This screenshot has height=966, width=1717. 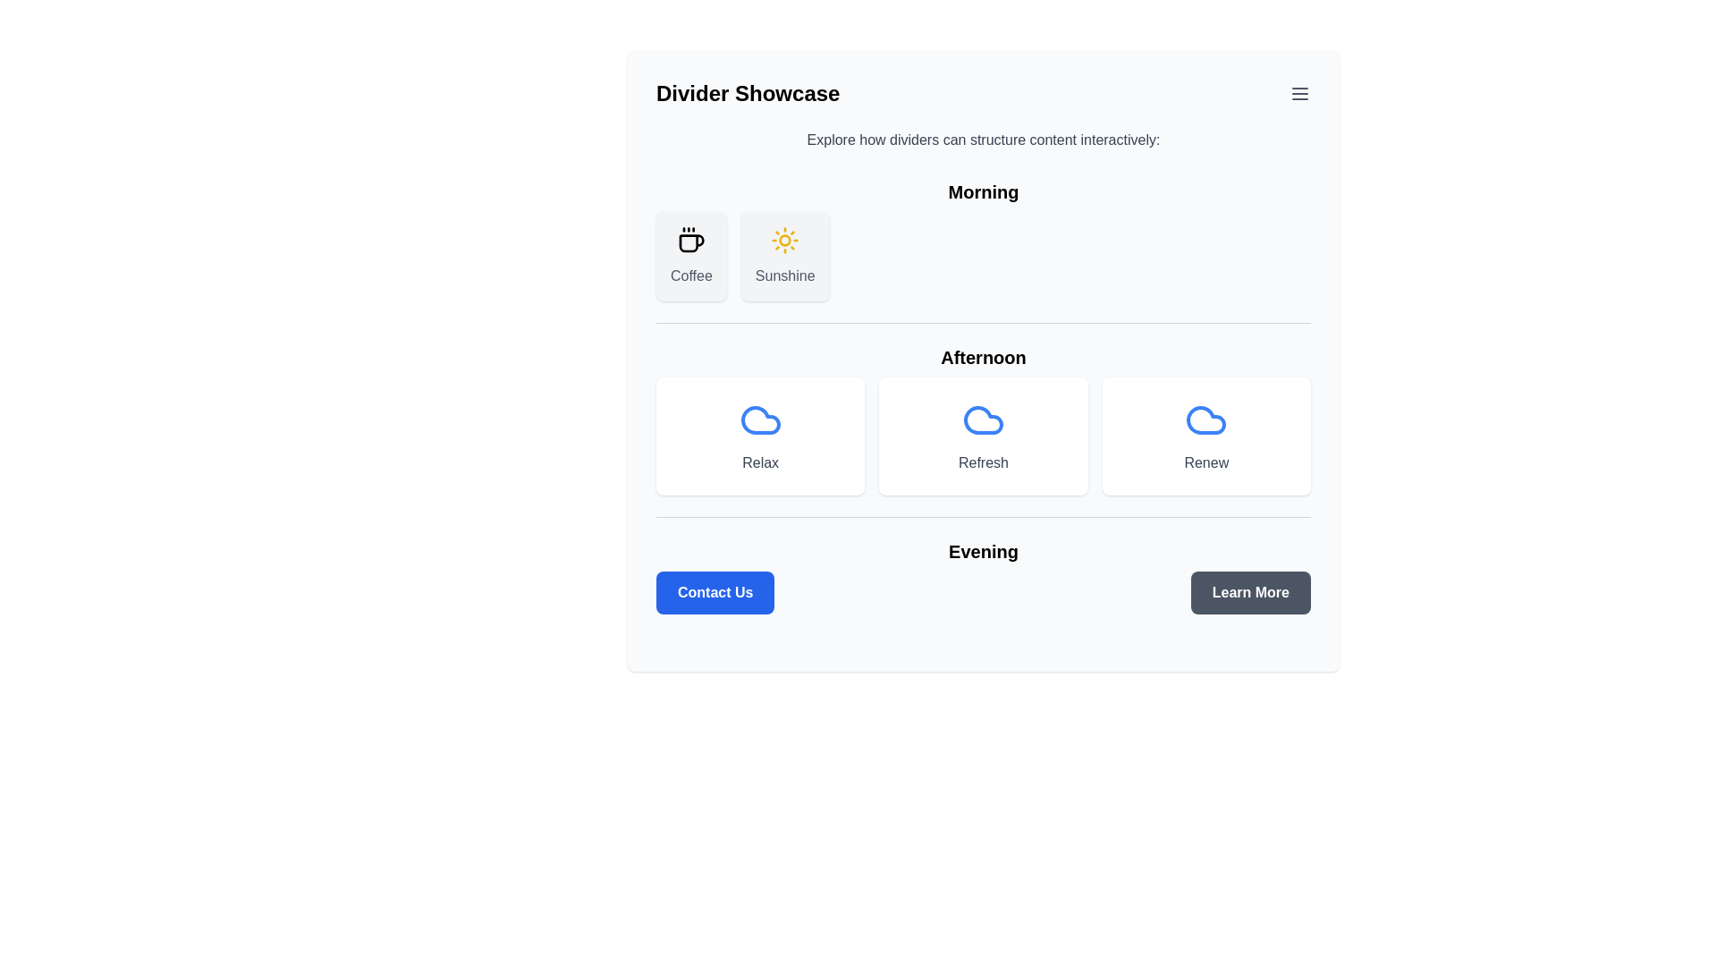 What do you see at coordinates (785, 275) in the screenshot?
I see `the descriptive label in the 'Morning' section, which indicates the theme of the card content, located directly below the sun icon` at bounding box center [785, 275].